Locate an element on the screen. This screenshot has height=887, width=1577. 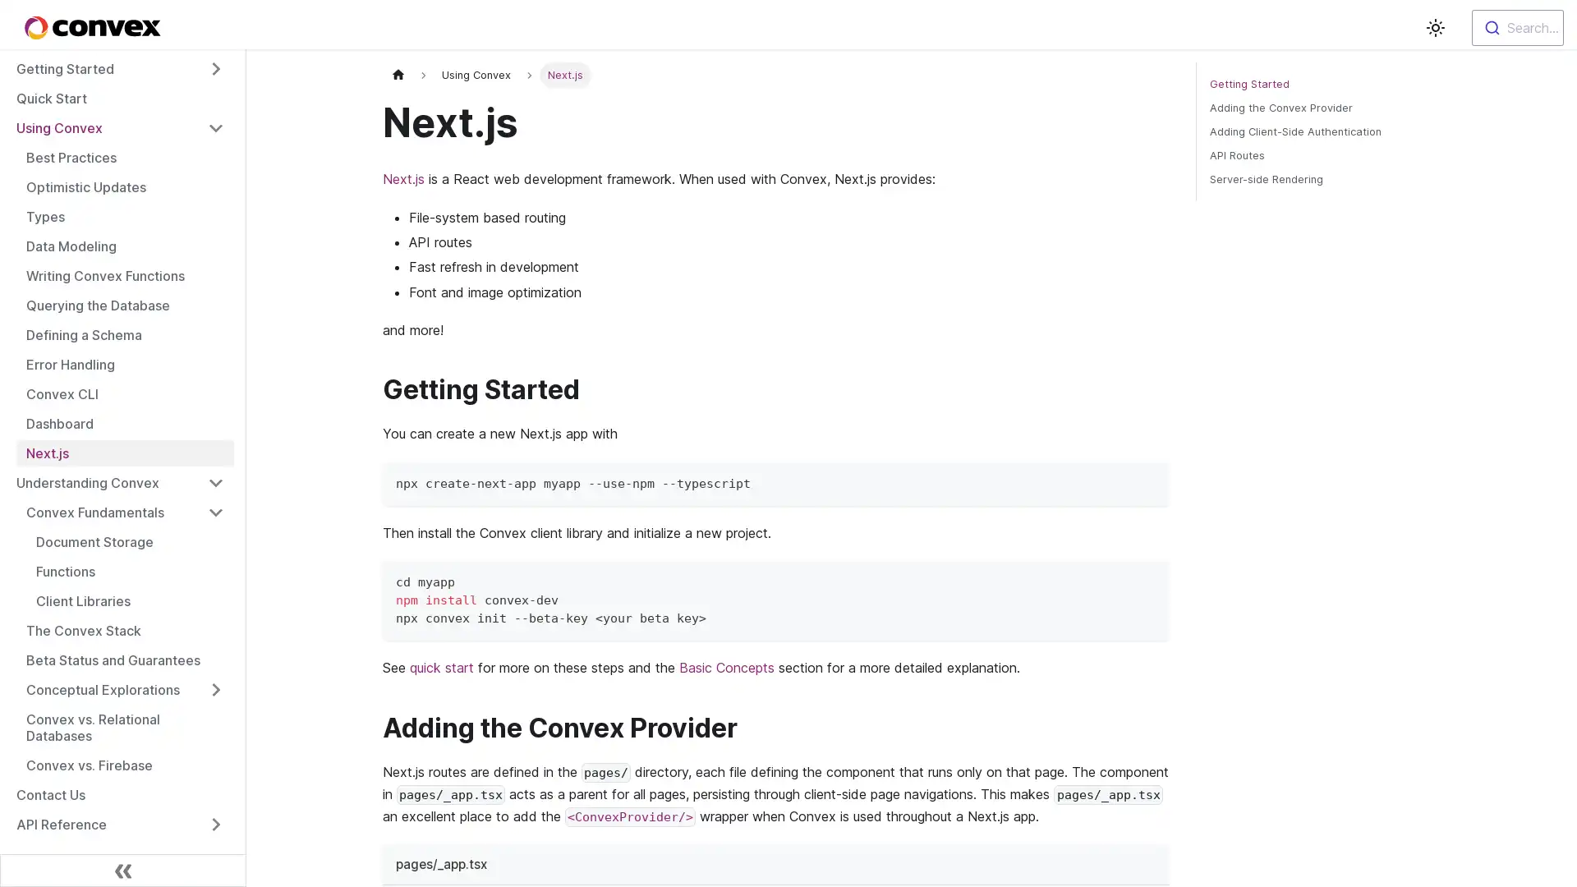
Switch between dark and light mode (currently light mode) is located at coordinates (1434, 28).